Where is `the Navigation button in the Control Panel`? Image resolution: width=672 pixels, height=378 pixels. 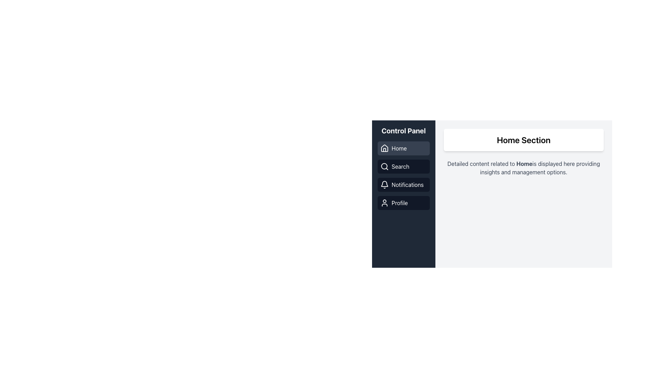 the Navigation button in the Control Panel is located at coordinates (404, 148).